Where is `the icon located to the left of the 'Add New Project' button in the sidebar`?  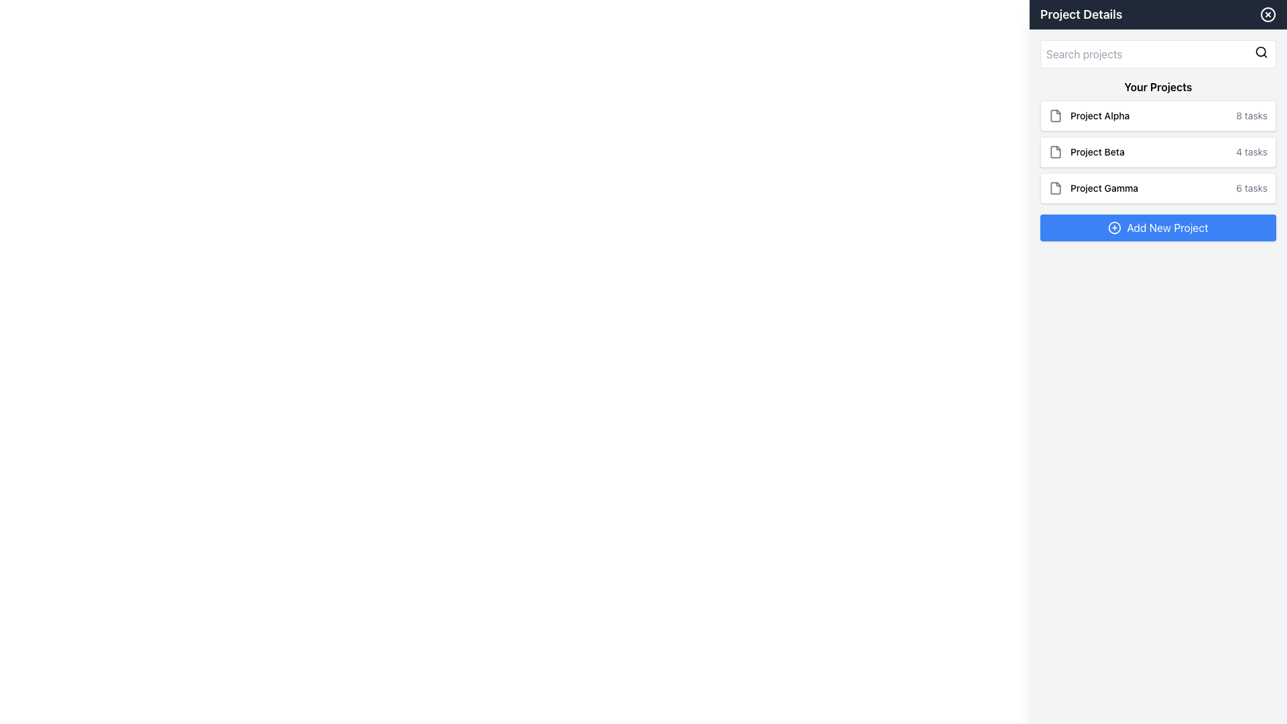
the icon located to the left of the 'Add New Project' button in the sidebar is located at coordinates (1115, 227).